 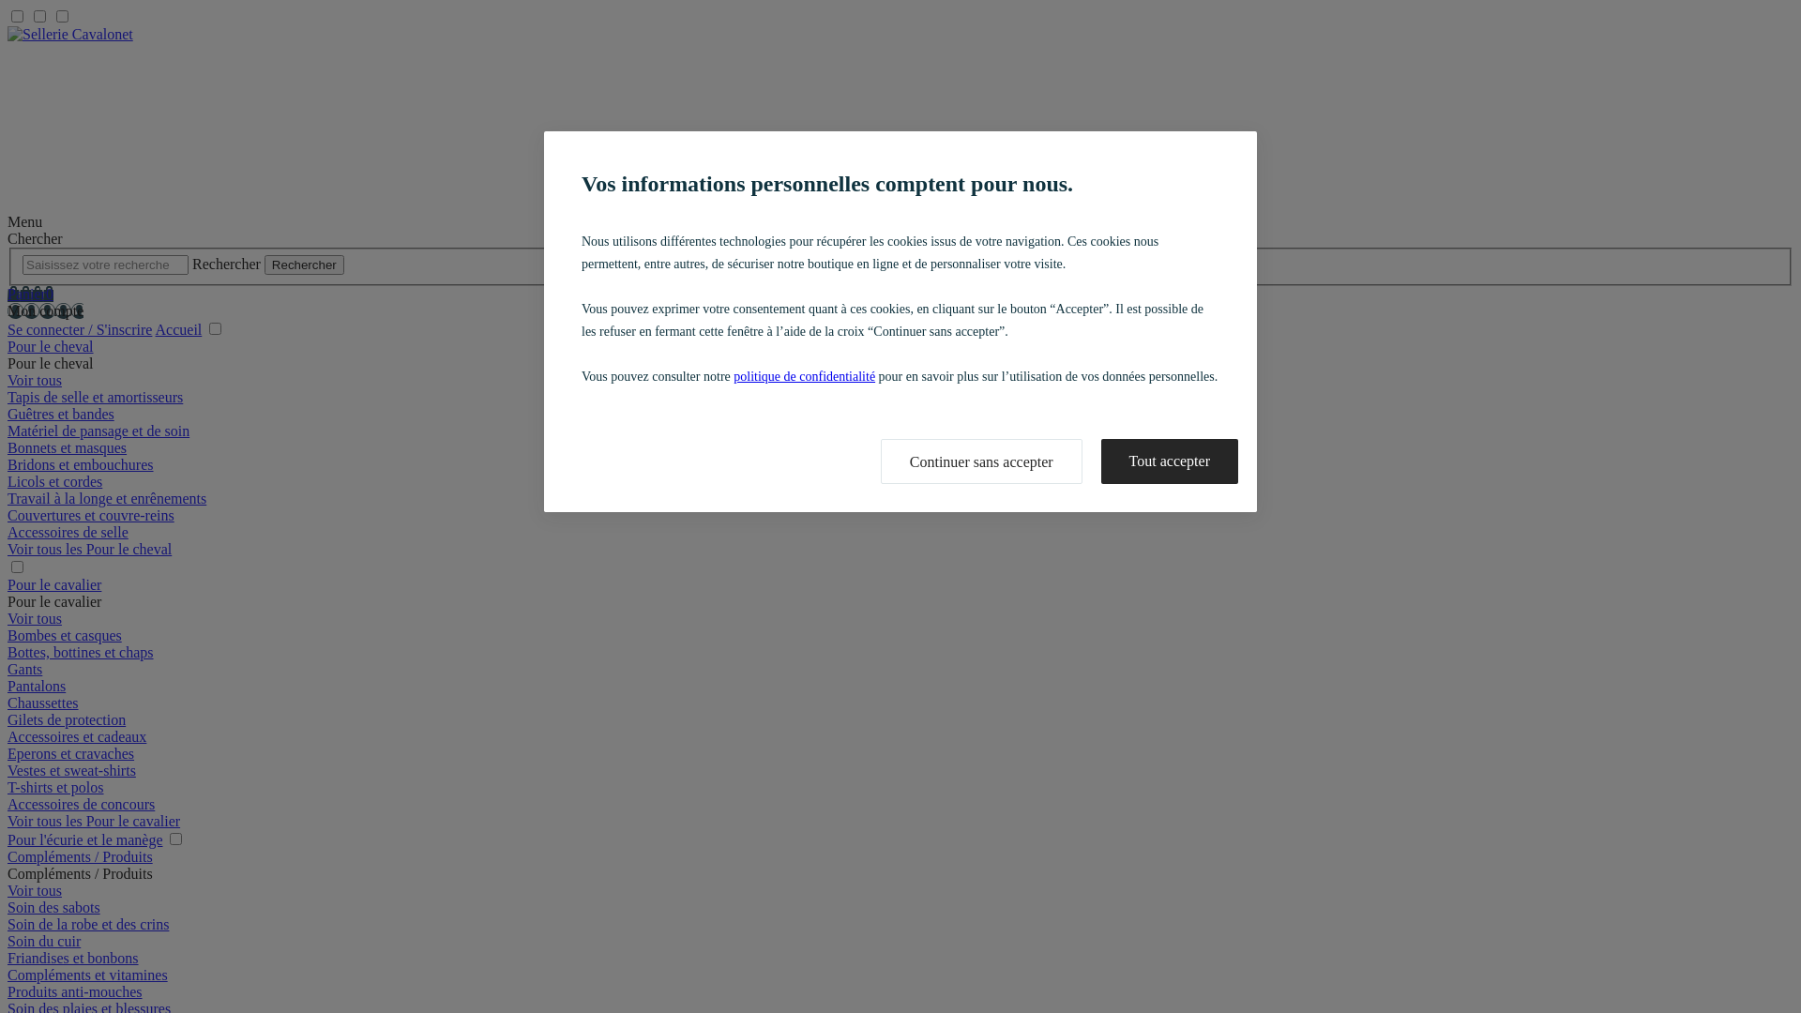 I want to click on 'T-shirts et polos', so click(x=55, y=787).